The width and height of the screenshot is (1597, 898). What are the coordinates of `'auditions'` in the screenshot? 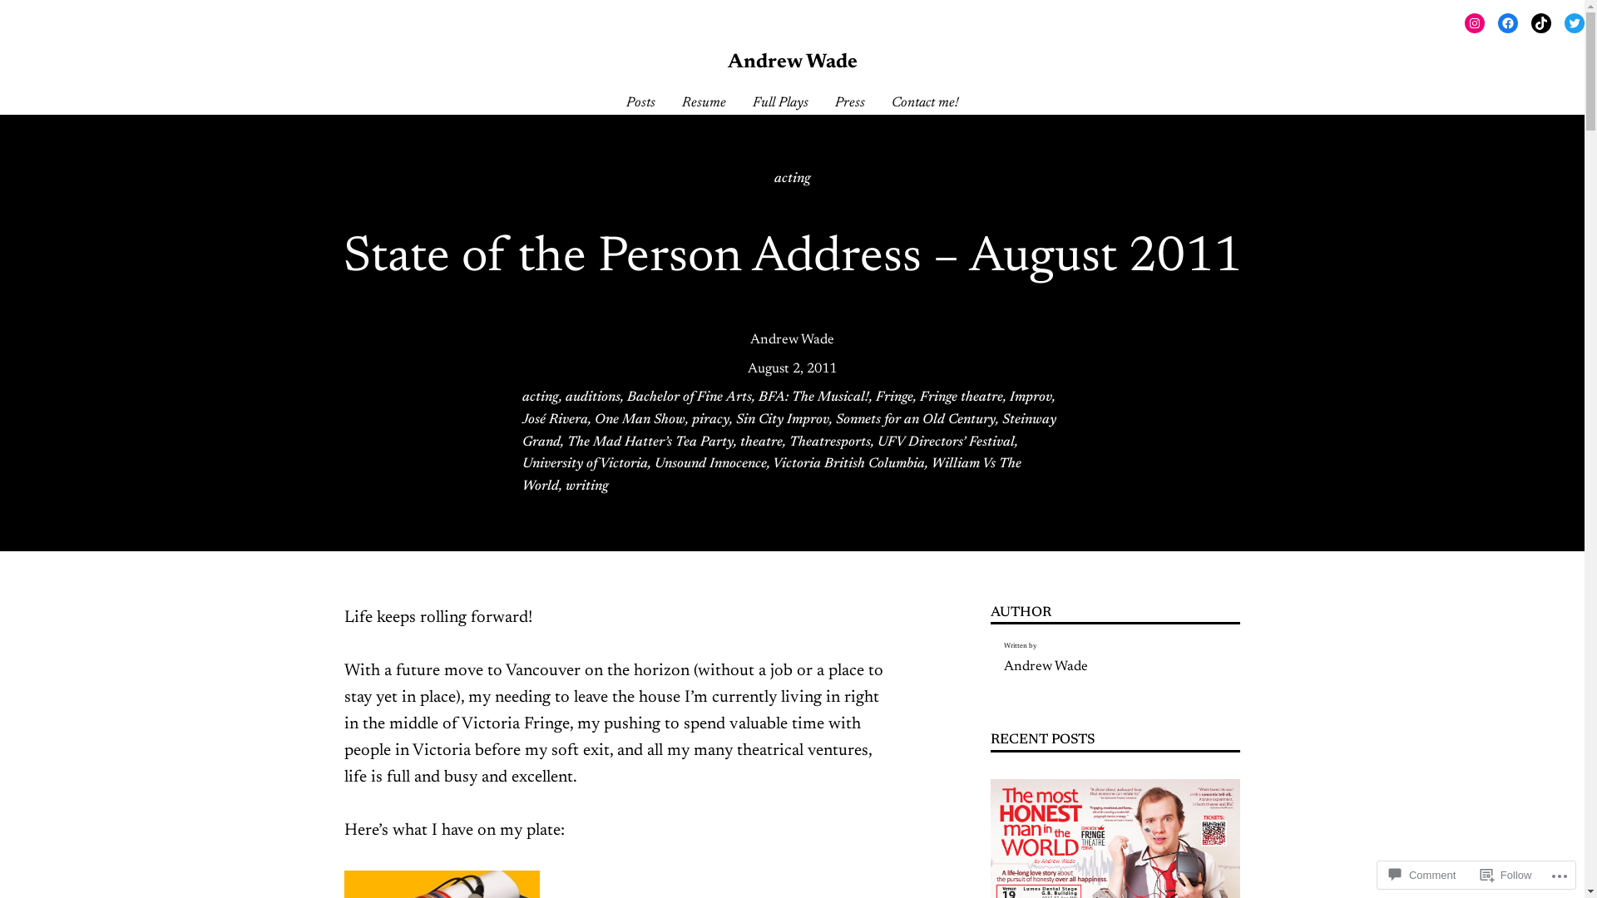 It's located at (593, 397).